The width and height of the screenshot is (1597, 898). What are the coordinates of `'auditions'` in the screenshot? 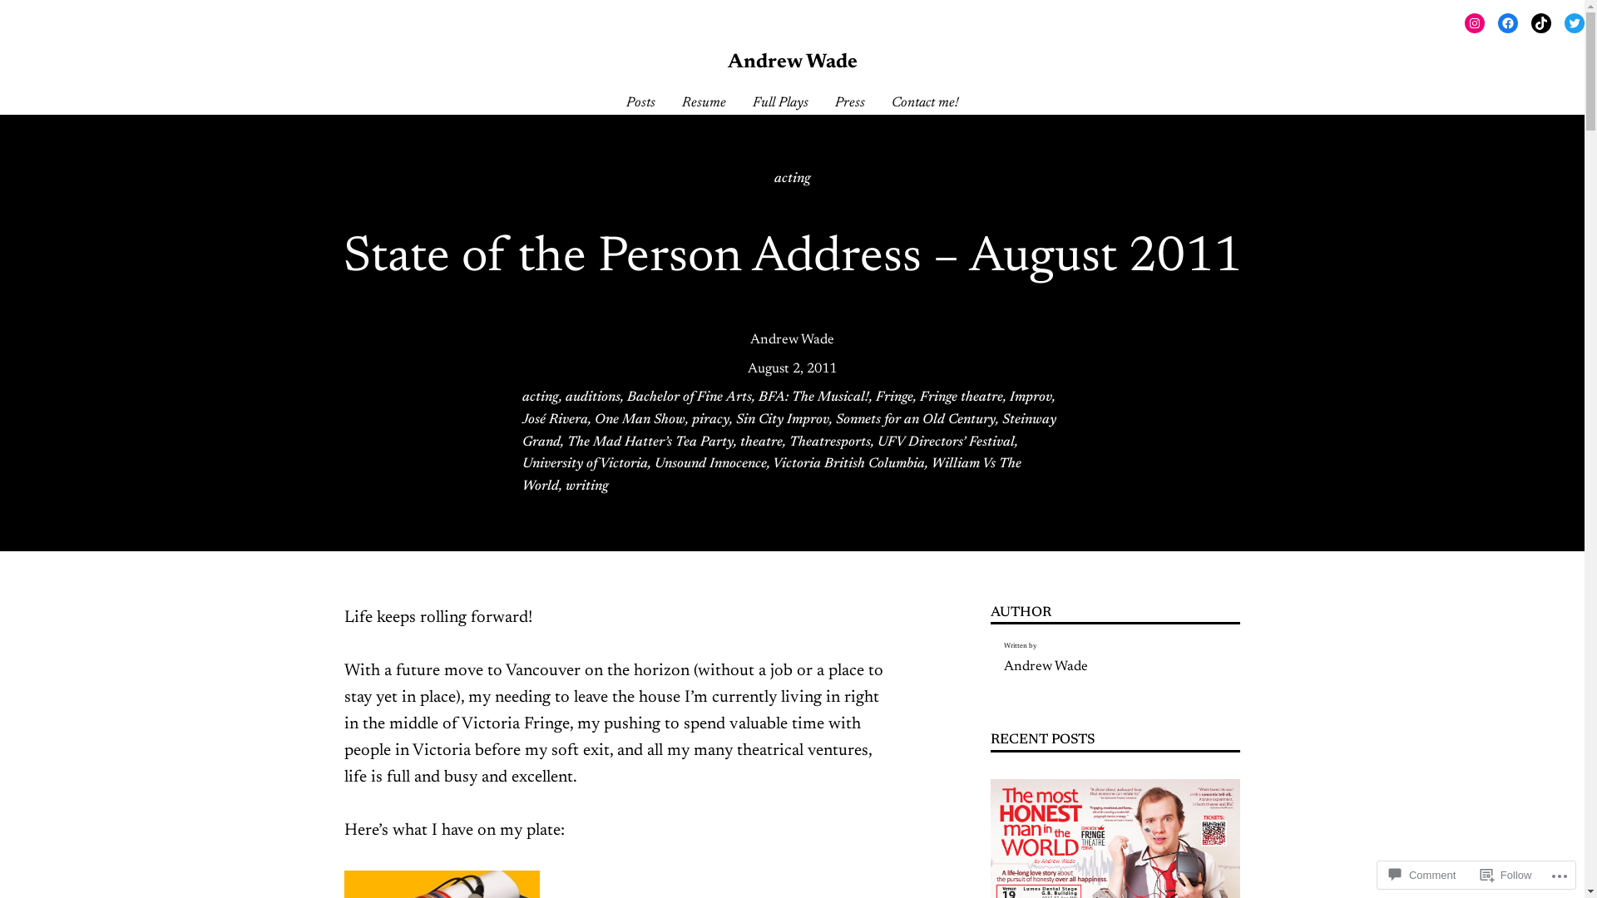 It's located at (593, 397).